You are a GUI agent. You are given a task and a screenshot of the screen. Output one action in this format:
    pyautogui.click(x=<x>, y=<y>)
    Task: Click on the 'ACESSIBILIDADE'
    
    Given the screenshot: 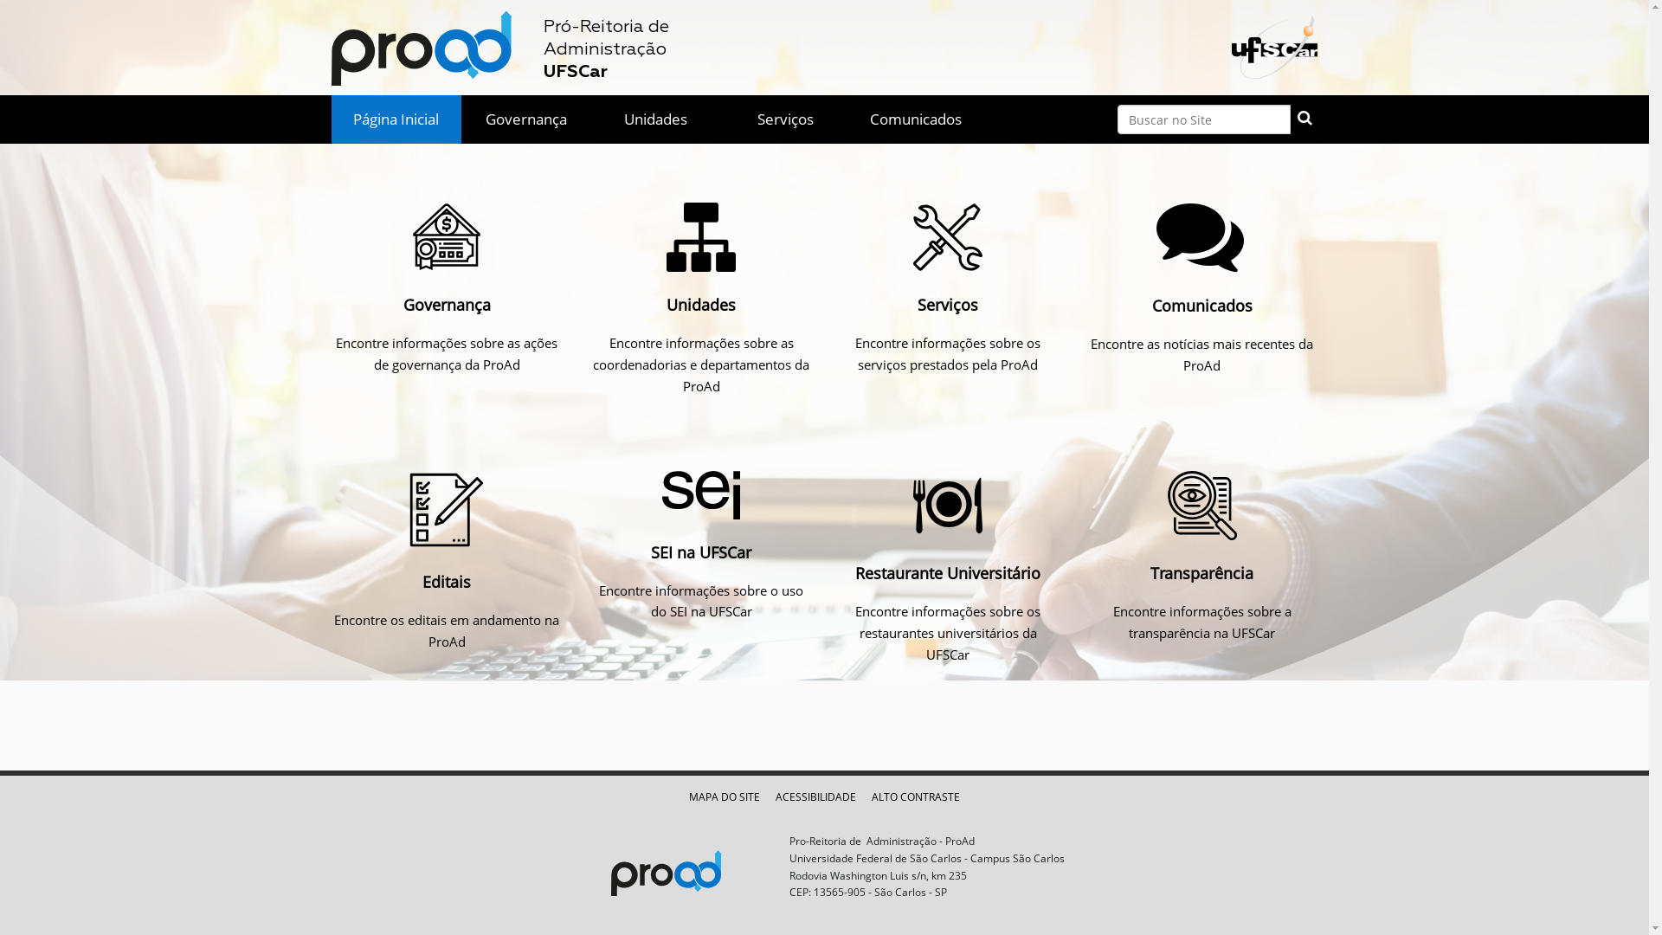 What is the action you would take?
    pyautogui.click(x=815, y=796)
    